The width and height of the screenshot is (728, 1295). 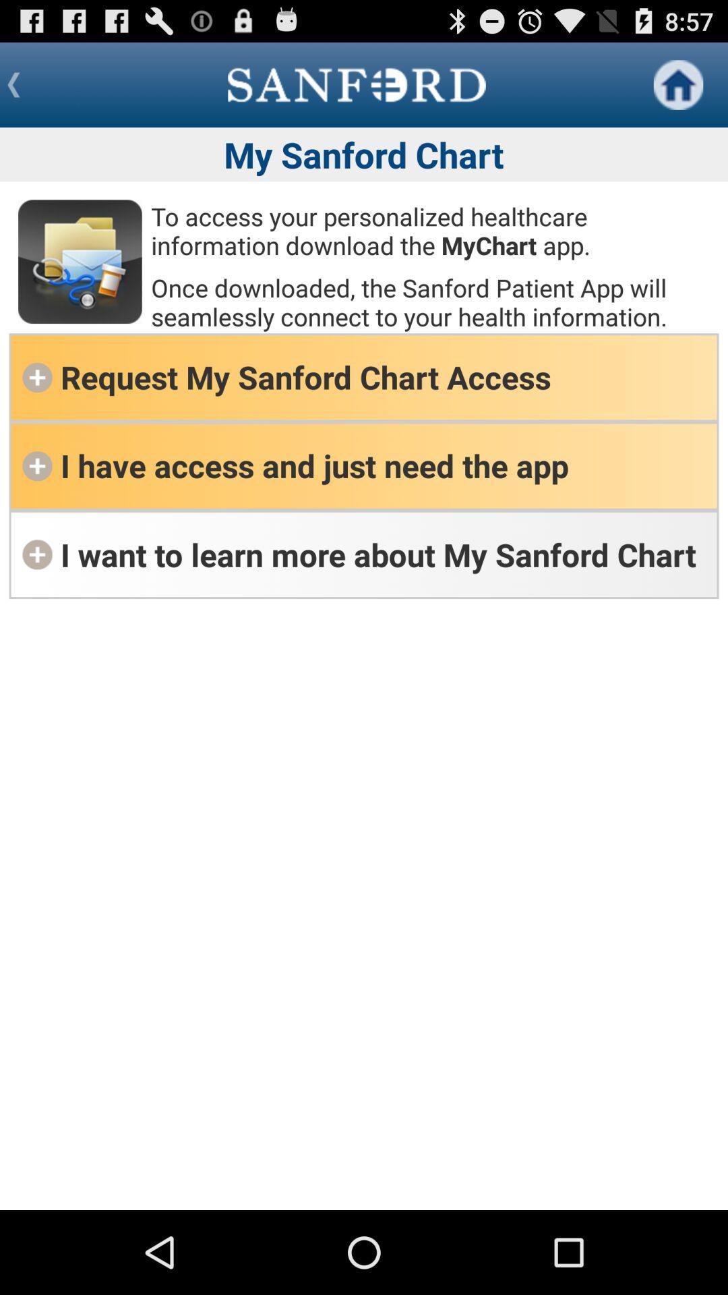 What do you see at coordinates (678, 84) in the screenshot?
I see `the home icon button` at bounding box center [678, 84].